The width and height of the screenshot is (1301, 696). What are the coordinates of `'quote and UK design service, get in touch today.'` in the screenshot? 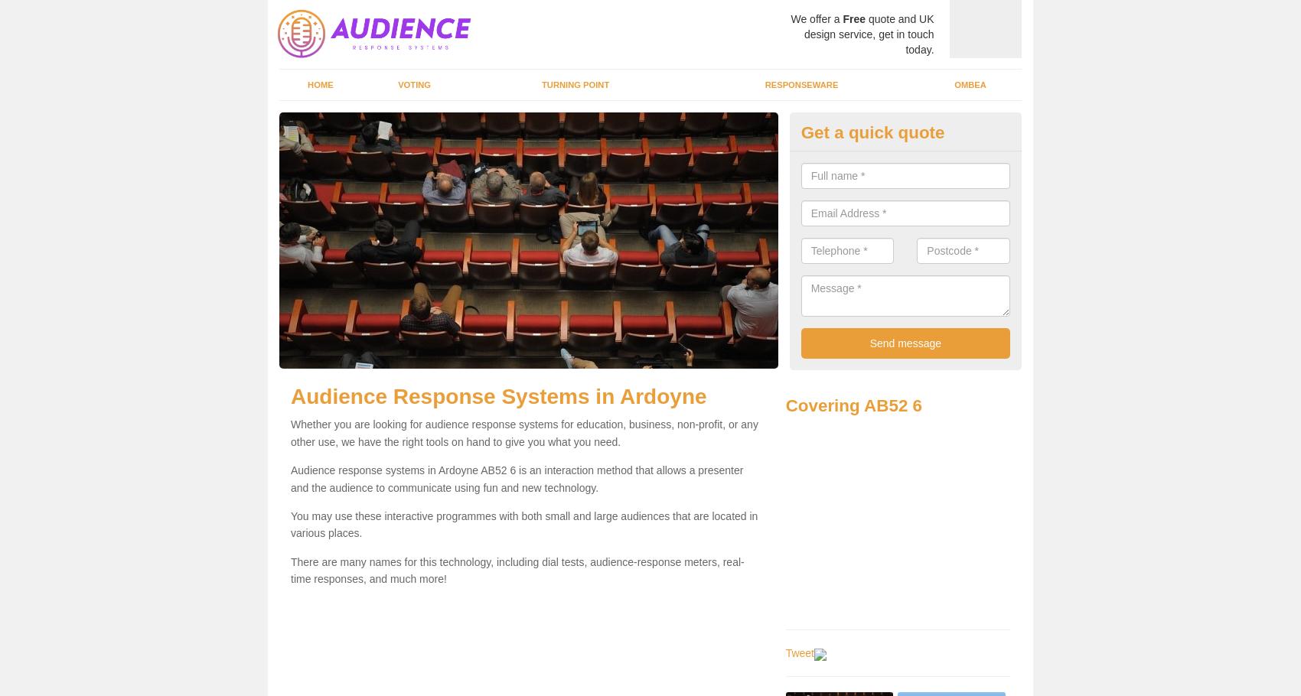 It's located at (868, 34).